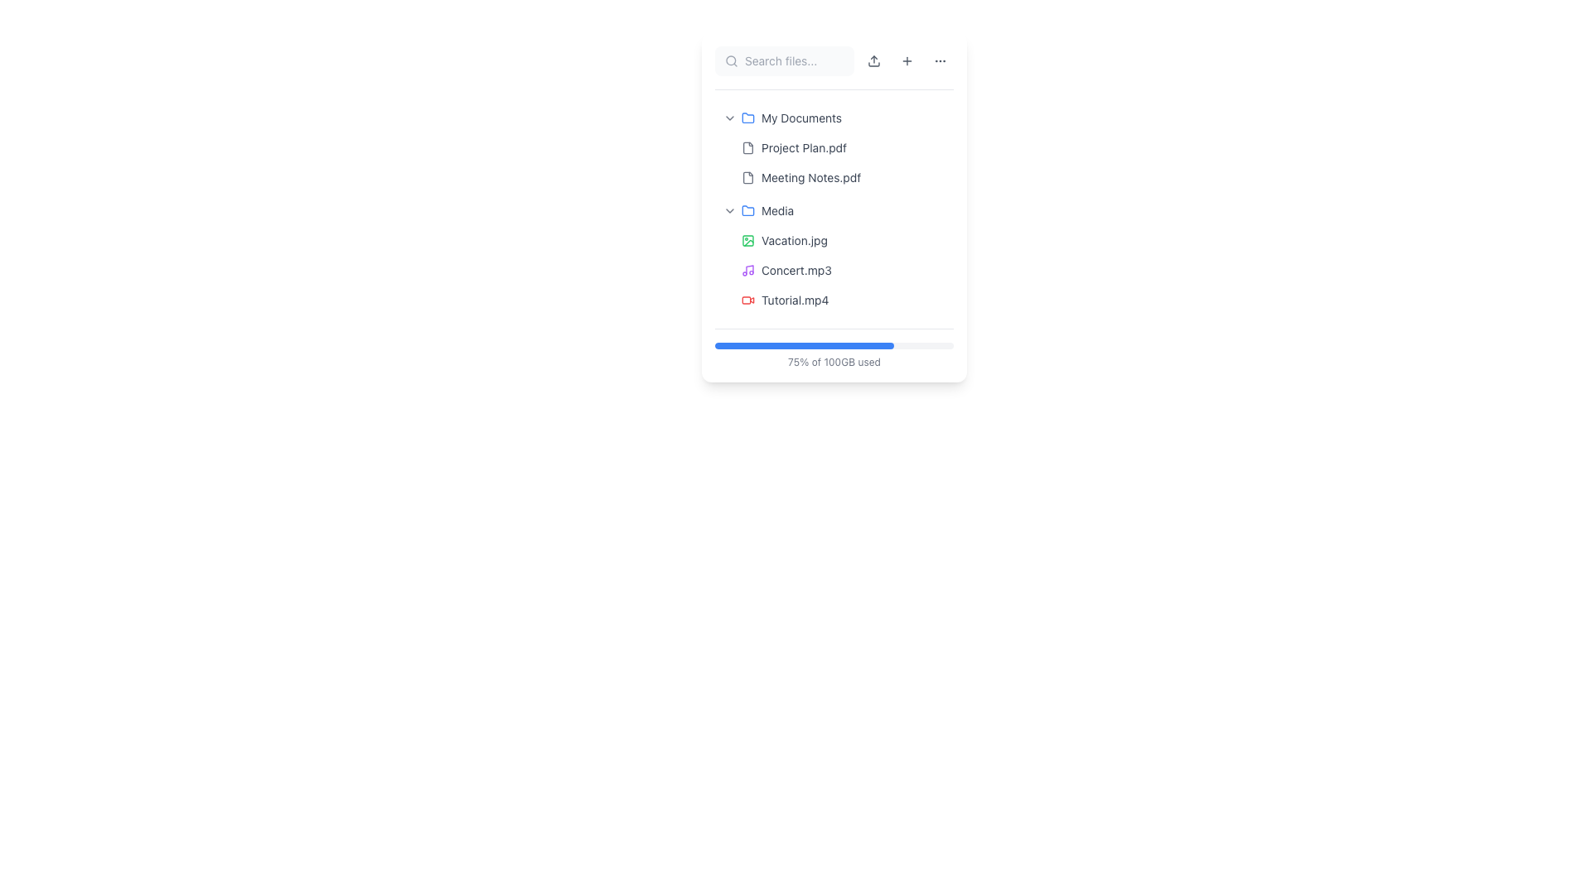 The width and height of the screenshot is (1591, 894). I want to click on the first collapsible list item, so click(834, 117).